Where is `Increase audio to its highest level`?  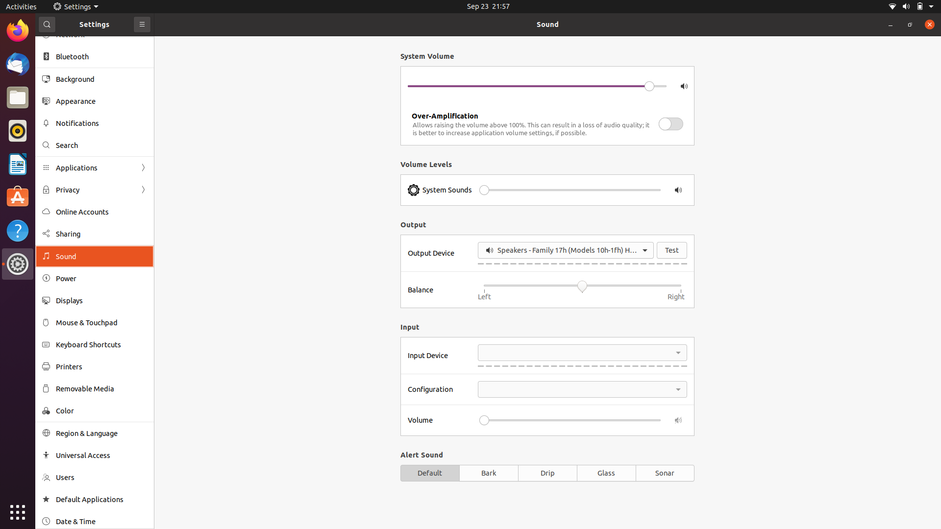
Increase audio to its highest level is located at coordinates (642, 190).